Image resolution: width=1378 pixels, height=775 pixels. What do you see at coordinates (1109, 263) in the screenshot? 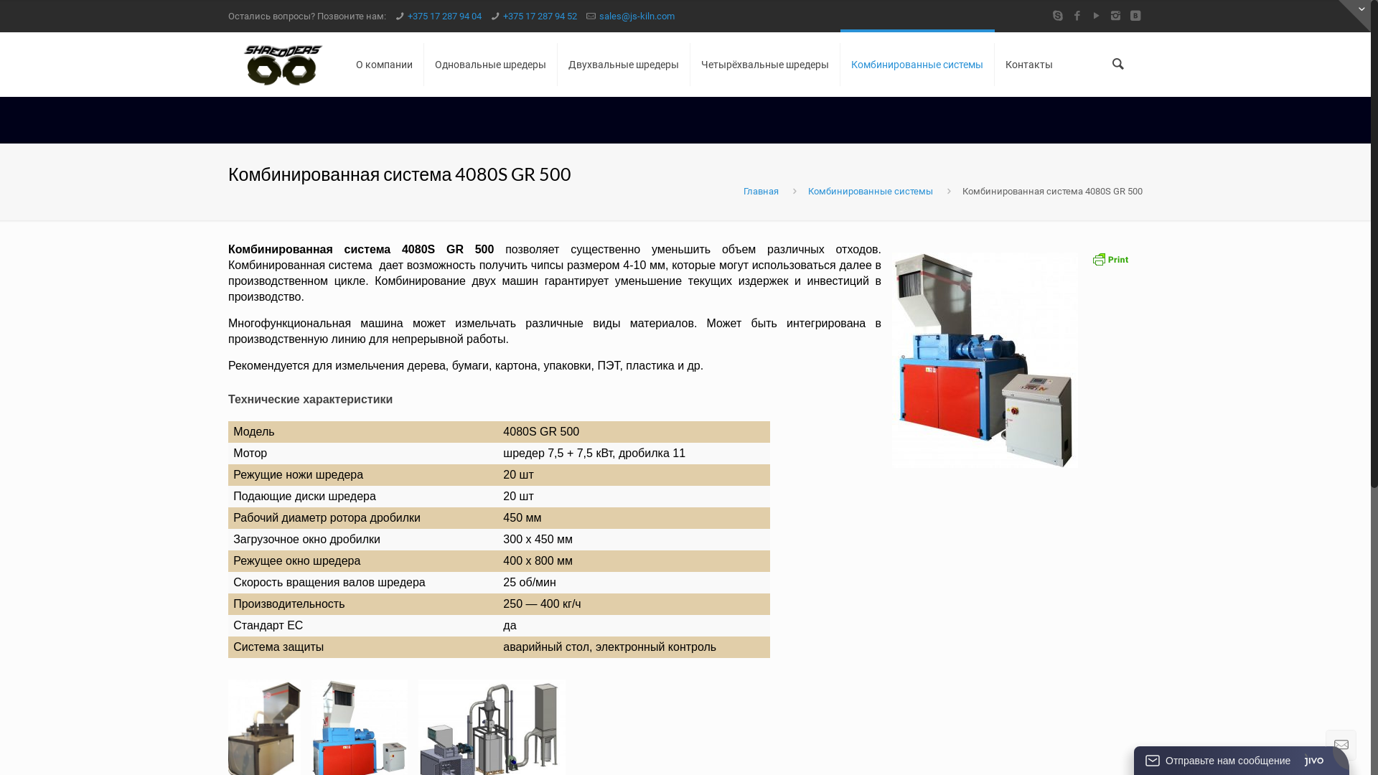
I see `'Printer Friendly, PDF & Email'` at bounding box center [1109, 263].